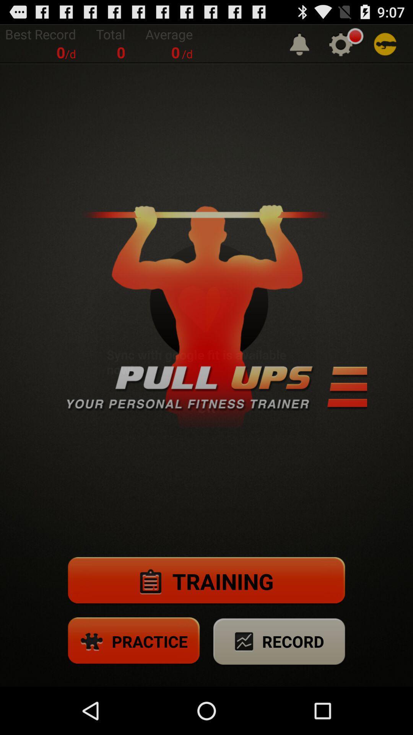 This screenshot has height=735, width=413. I want to click on get new content notifications, so click(299, 44).